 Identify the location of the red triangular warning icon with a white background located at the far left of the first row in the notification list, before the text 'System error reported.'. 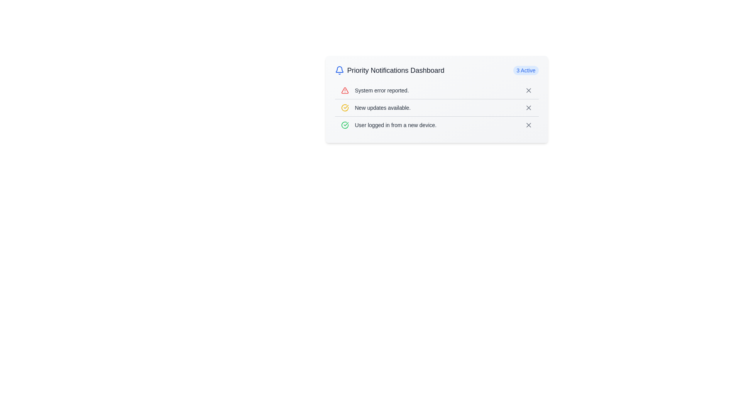
(344, 90).